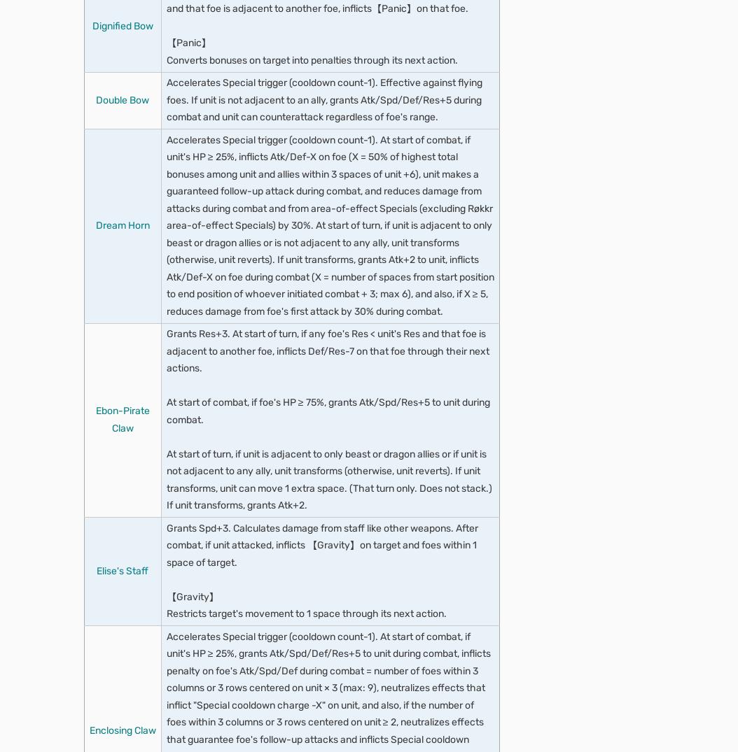 This screenshot has width=738, height=752. Describe the element at coordinates (319, 697) in the screenshot. I see `'Unit can move to a space adjacent to any ally within 2 spaces.'` at that location.